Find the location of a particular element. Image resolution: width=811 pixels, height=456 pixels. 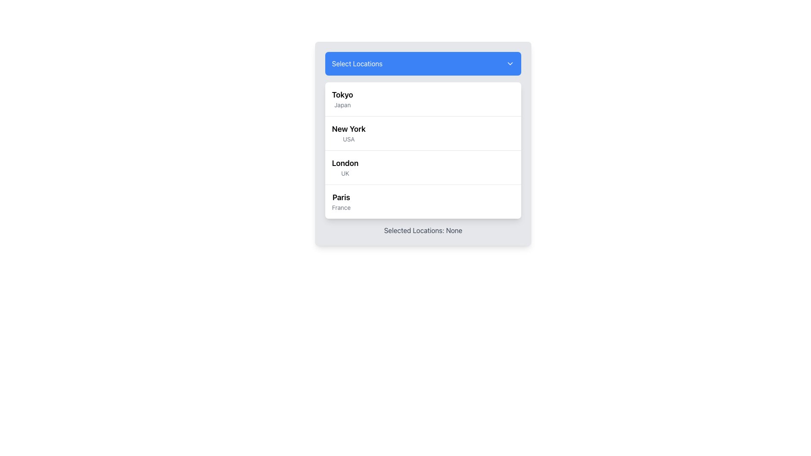

the topmost selectable option element displaying 'Tokyo' and 'Japan' in a list under the 'Select Locations' header is located at coordinates (343, 99).